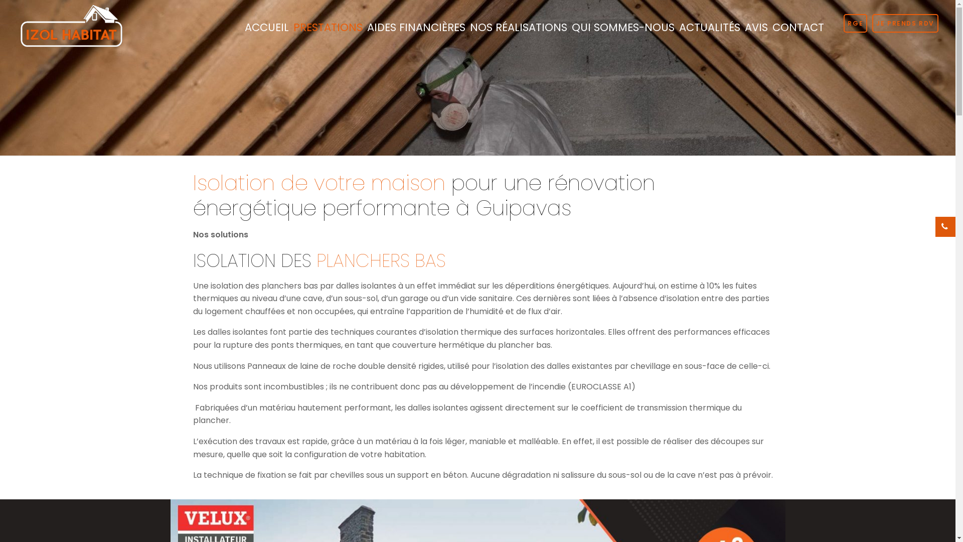 The width and height of the screenshot is (963, 542). Describe the element at coordinates (797, 27) in the screenshot. I see `'CONTACT'` at that location.